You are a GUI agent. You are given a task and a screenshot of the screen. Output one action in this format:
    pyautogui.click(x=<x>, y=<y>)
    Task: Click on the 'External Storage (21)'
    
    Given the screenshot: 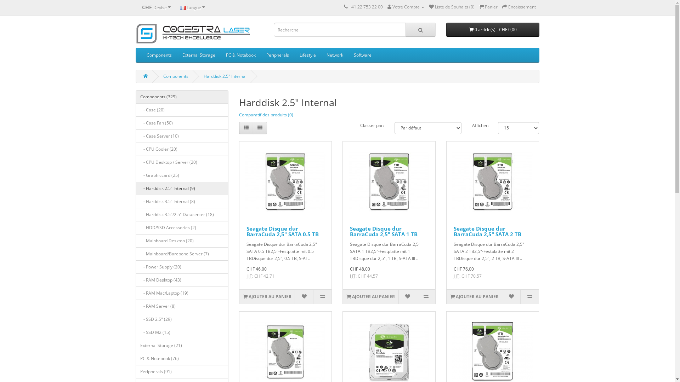 What is the action you would take?
    pyautogui.click(x=182, y=345)
    